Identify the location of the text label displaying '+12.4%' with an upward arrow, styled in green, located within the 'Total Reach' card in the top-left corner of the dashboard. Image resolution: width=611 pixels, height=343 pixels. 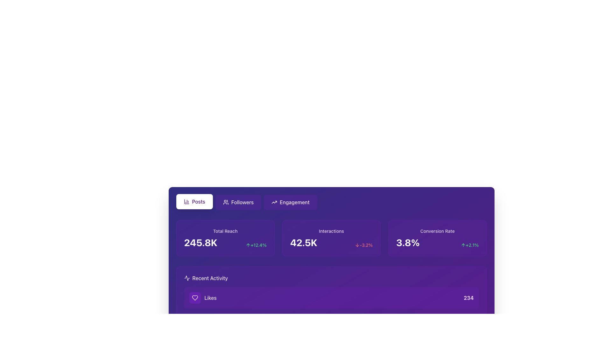
(256, 245).